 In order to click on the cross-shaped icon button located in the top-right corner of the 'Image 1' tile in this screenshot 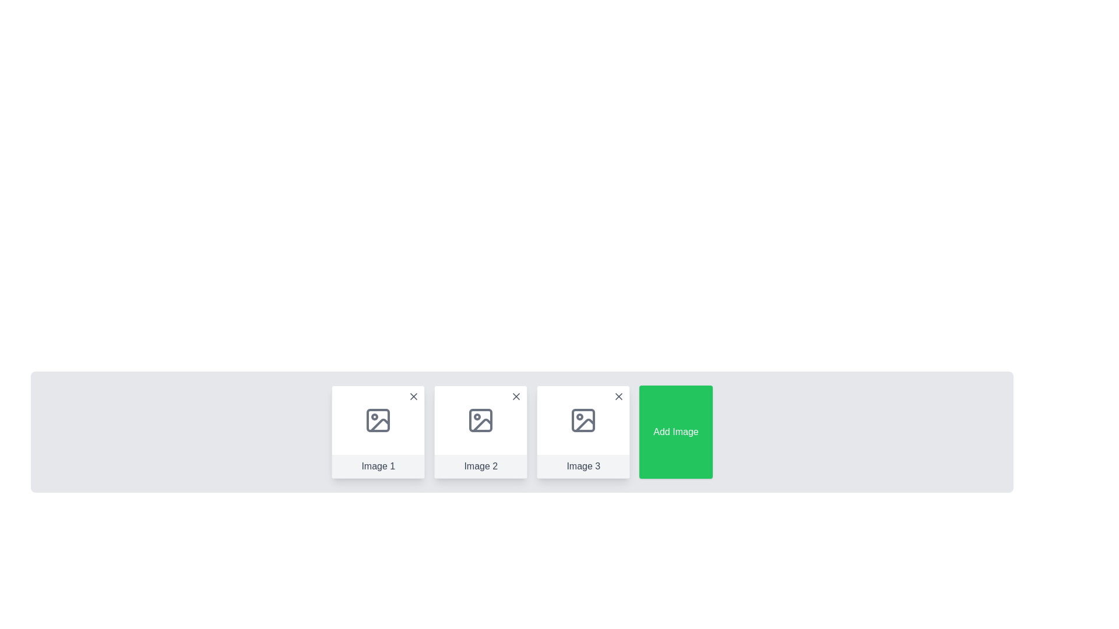, I will do `click(414, 396)`.